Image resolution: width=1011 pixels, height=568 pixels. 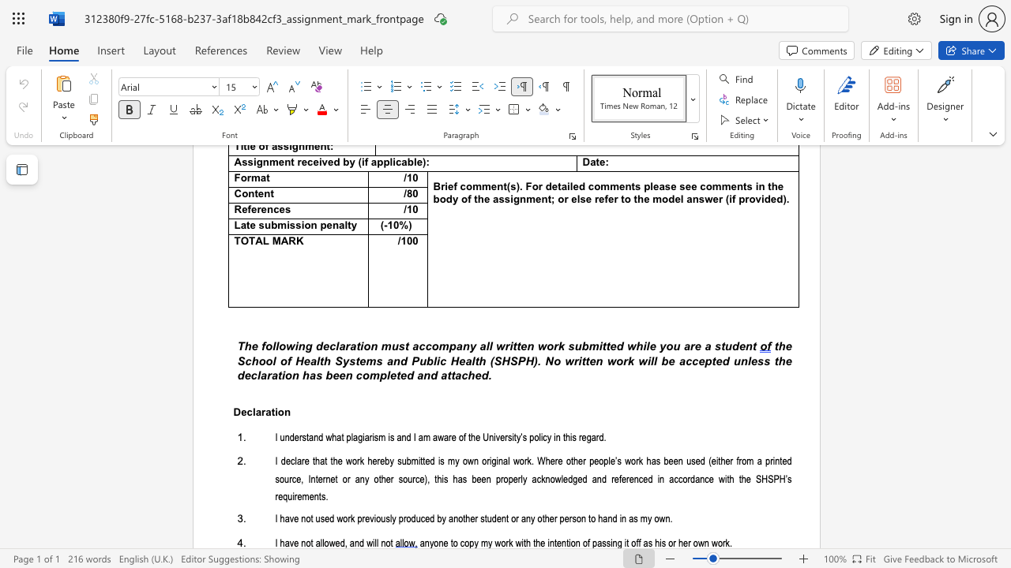 I want to click on the subset text "owin" within the text "following d", so click(x=279, y=346).